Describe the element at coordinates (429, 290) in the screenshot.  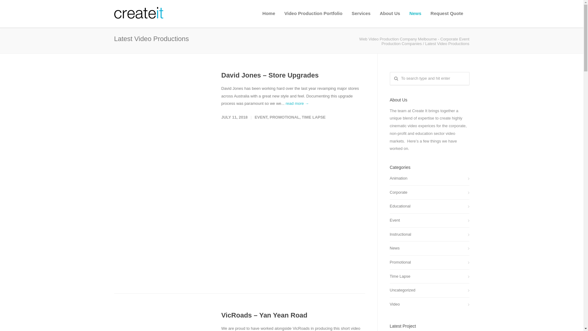
I see `'Uncategorized'` at that location.